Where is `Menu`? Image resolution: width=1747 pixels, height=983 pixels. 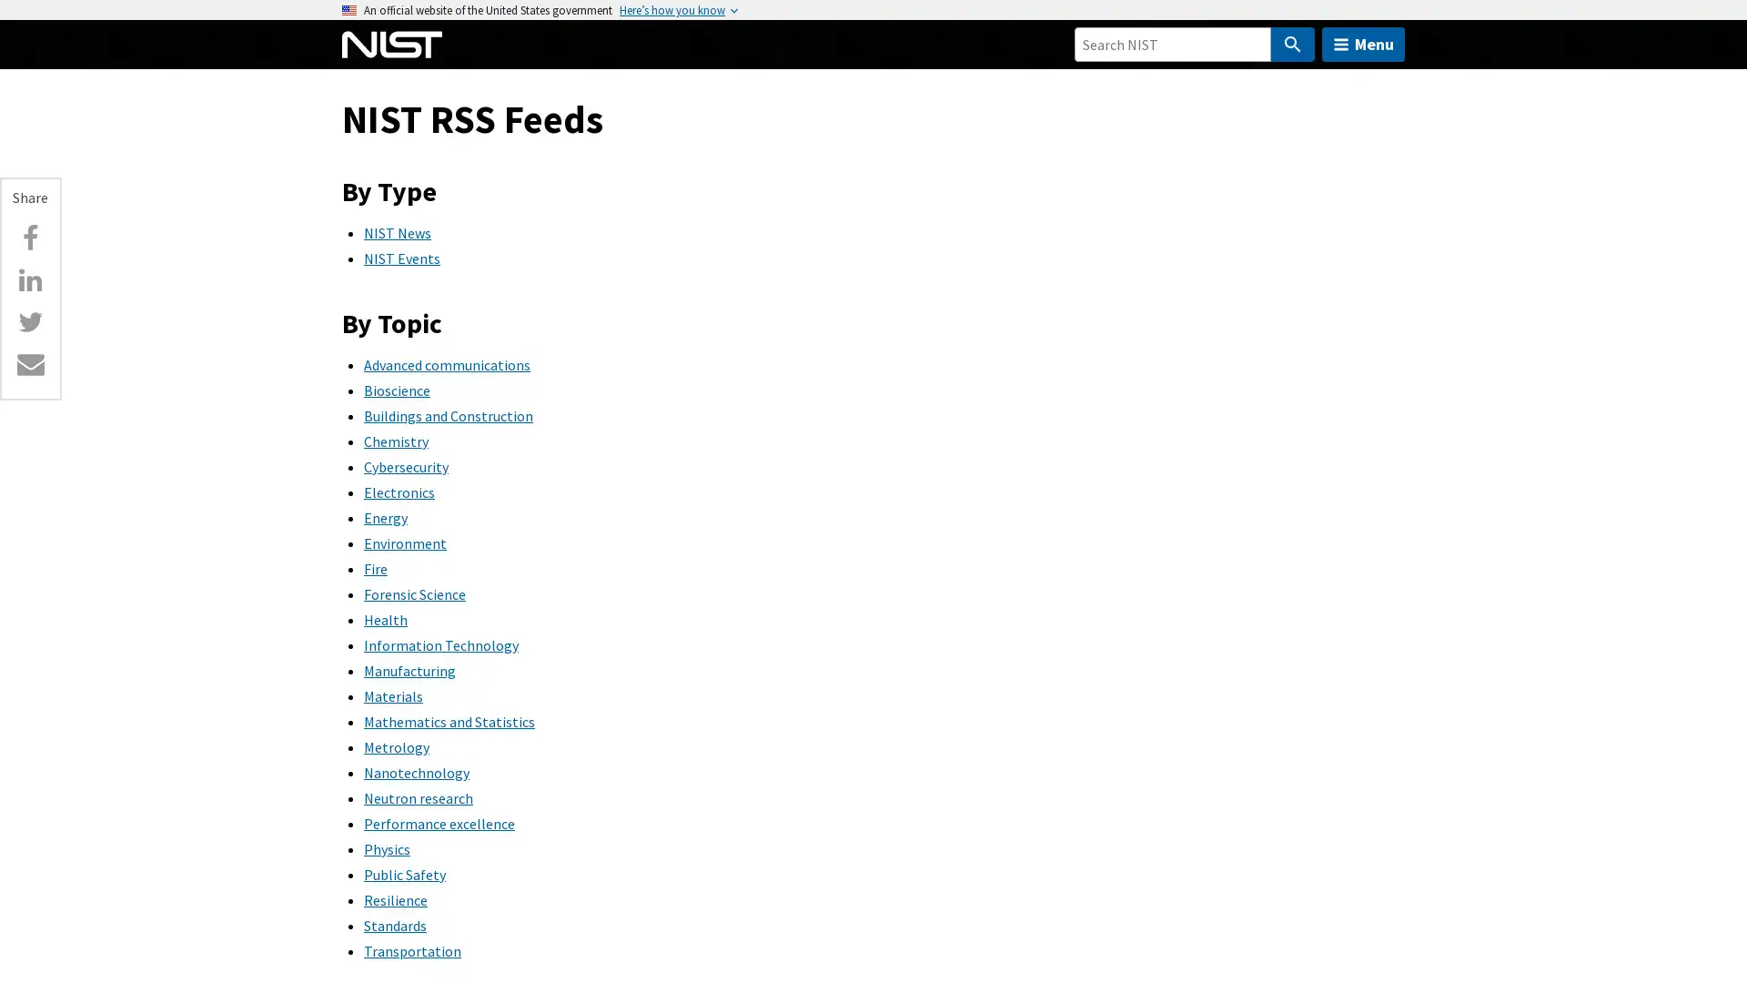 Menu is located at coordinates (1363, 44).